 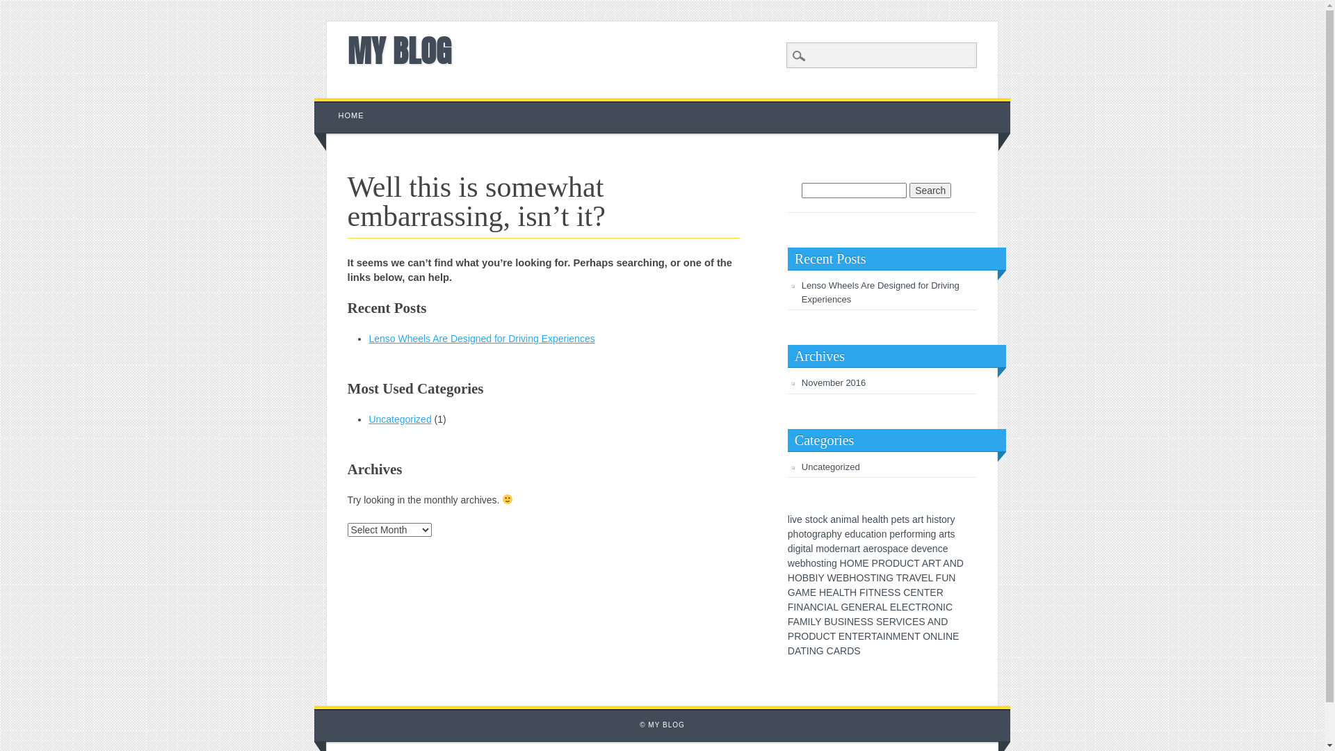 I want to click on 'L', so click(x=841, y=592).